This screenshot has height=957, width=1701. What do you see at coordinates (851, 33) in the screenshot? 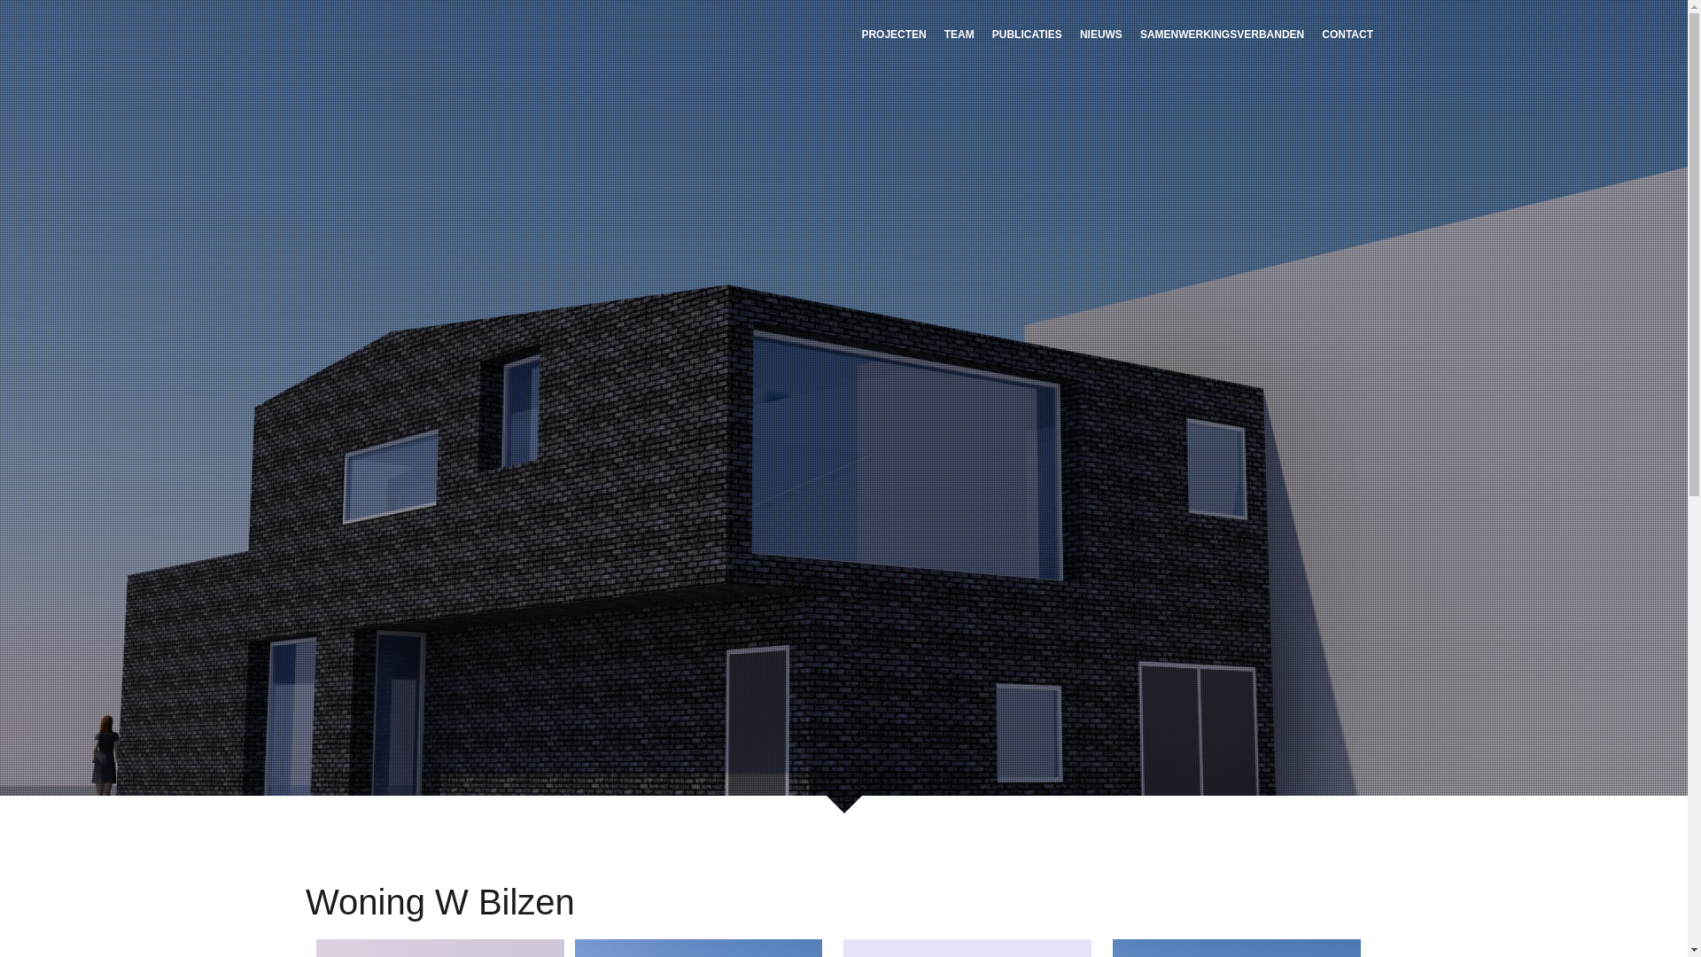
I see `'PROJECTEN'` at bounding box center [851, 33].